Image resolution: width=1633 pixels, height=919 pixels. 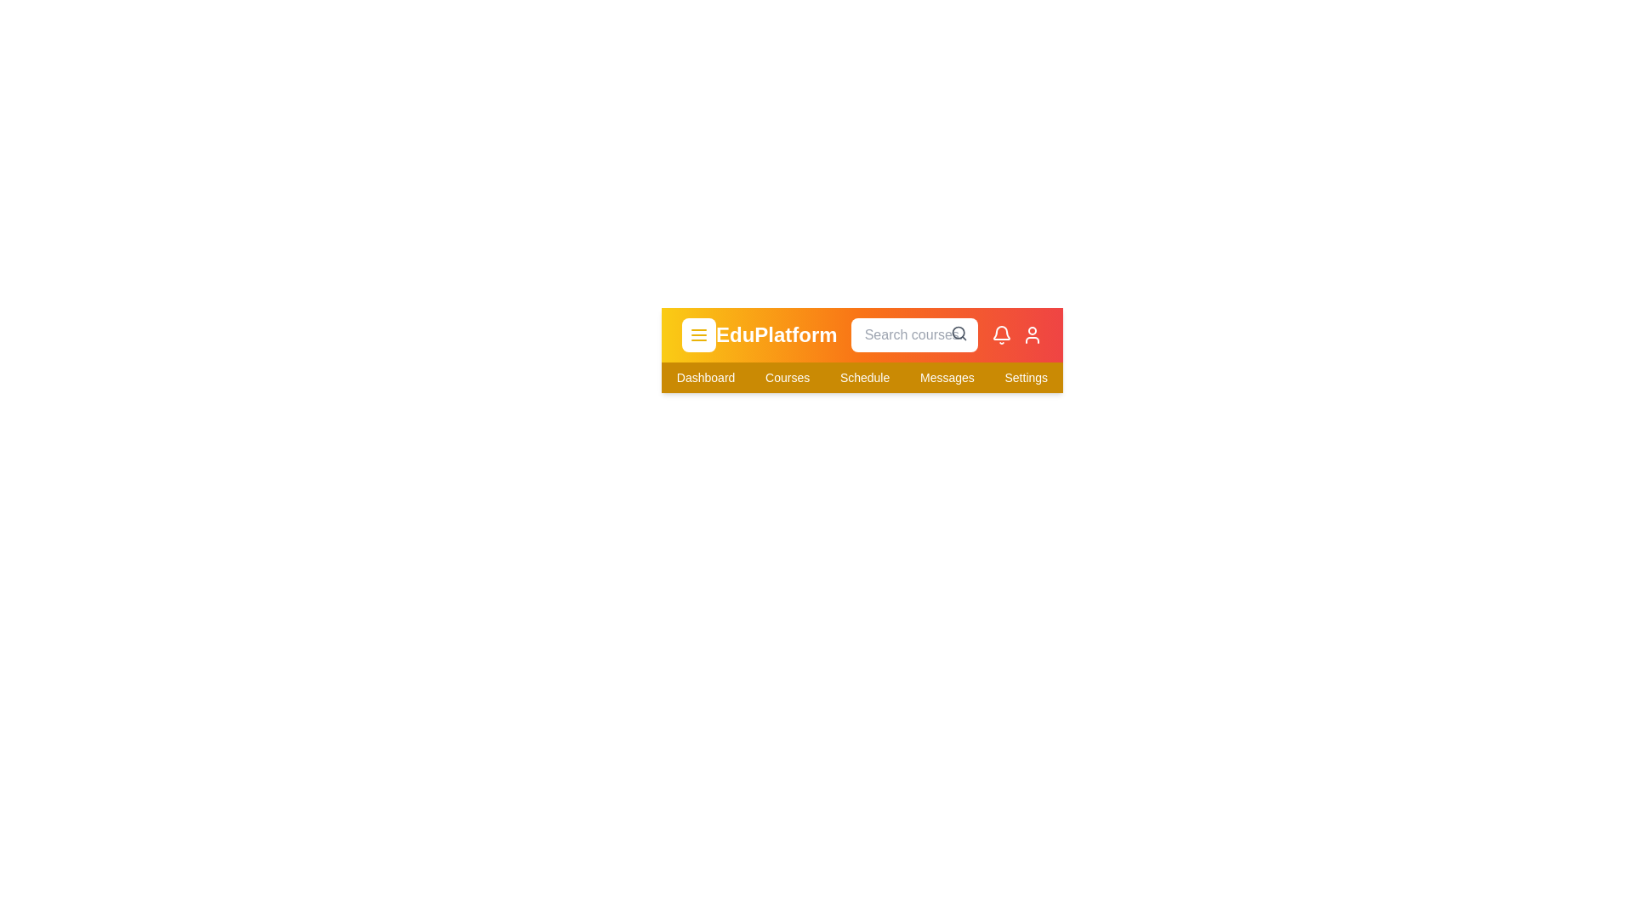 I want to click on the navigation item Dashboard, so click(x=706, y=376).